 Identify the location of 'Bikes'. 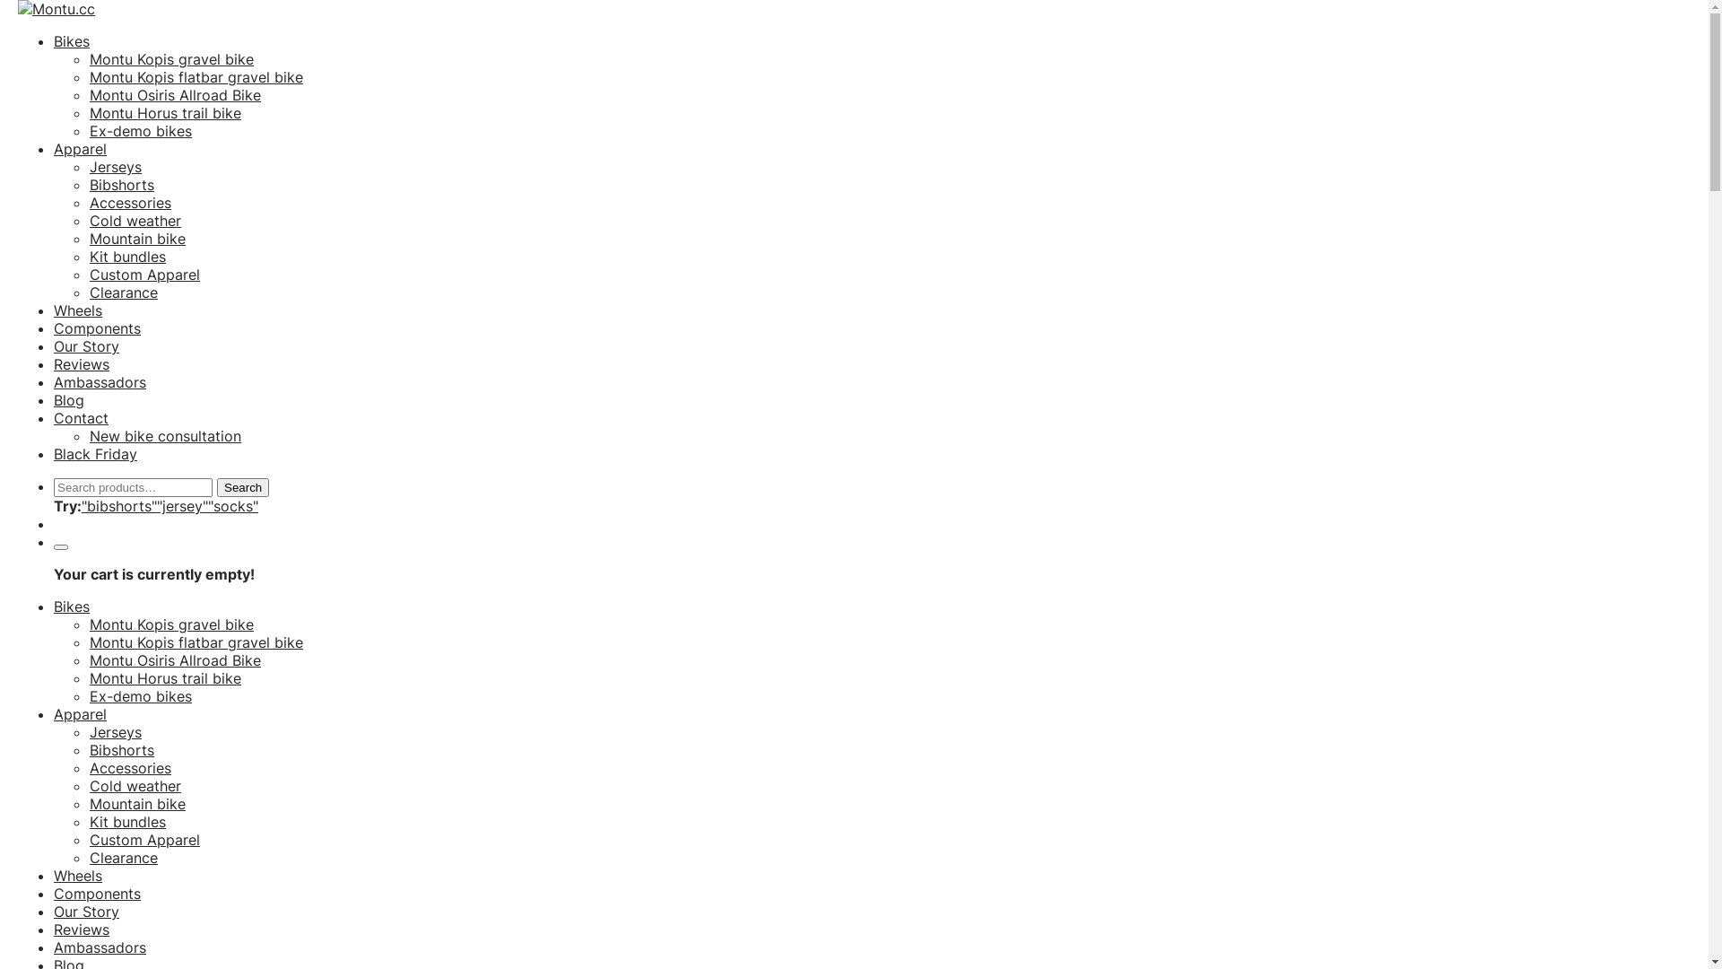
(53, 40).